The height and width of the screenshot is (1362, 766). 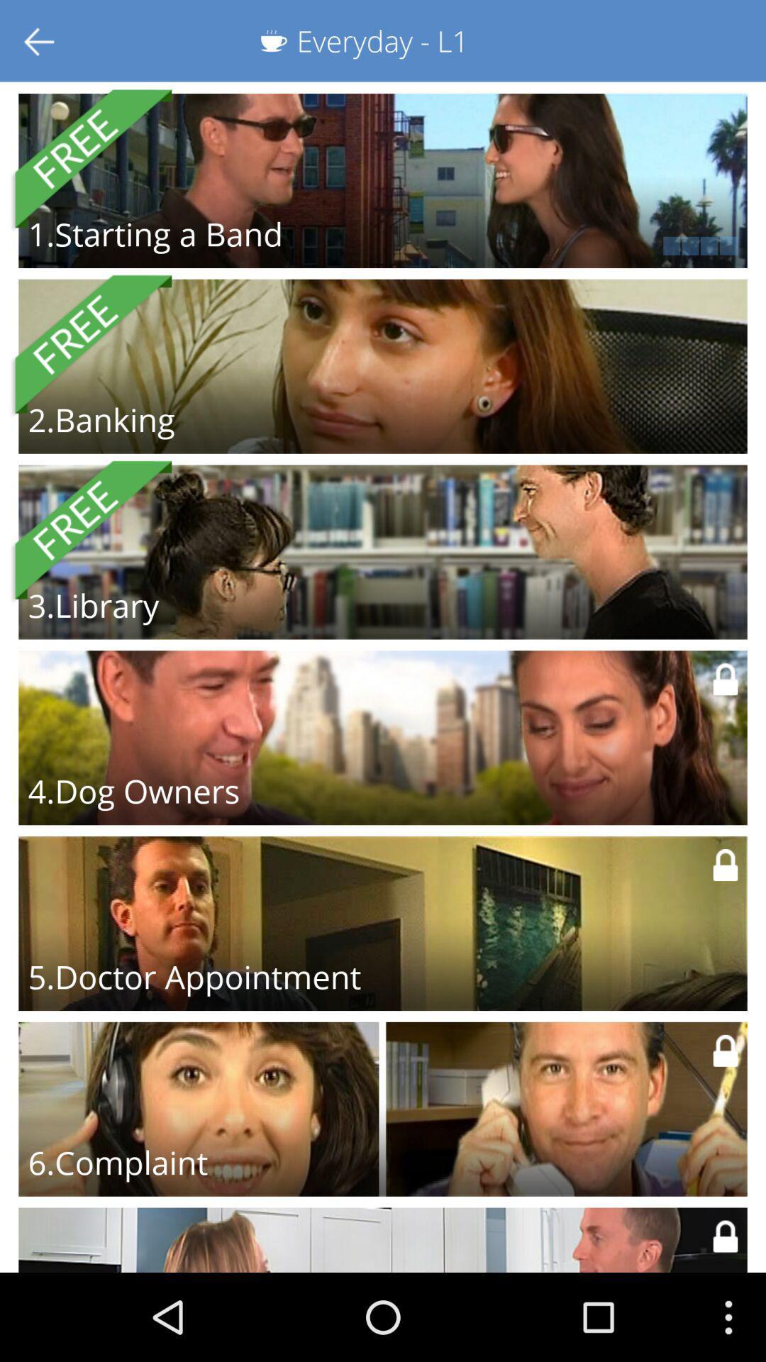 What do you see at coordinates (568, 245) in the screenshot?
I see `the icon next to 1 starting a item` at bounding box center [568, 245].